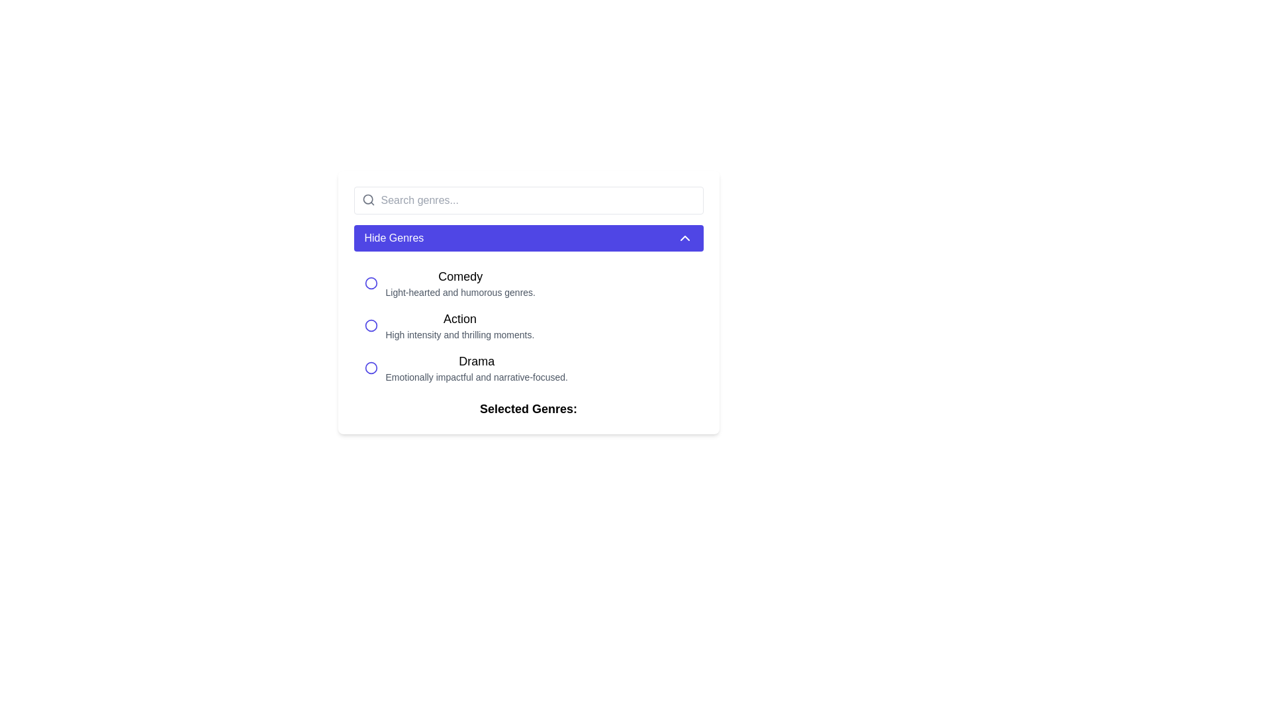  What do you see at coordinates (460, 326) in the screenshot?
I see `the 'Action' genre text label, which is located in the middle of a vertically stacked list of selectable items under the 'Hide Genres' header` at bounding box center [460, 326].